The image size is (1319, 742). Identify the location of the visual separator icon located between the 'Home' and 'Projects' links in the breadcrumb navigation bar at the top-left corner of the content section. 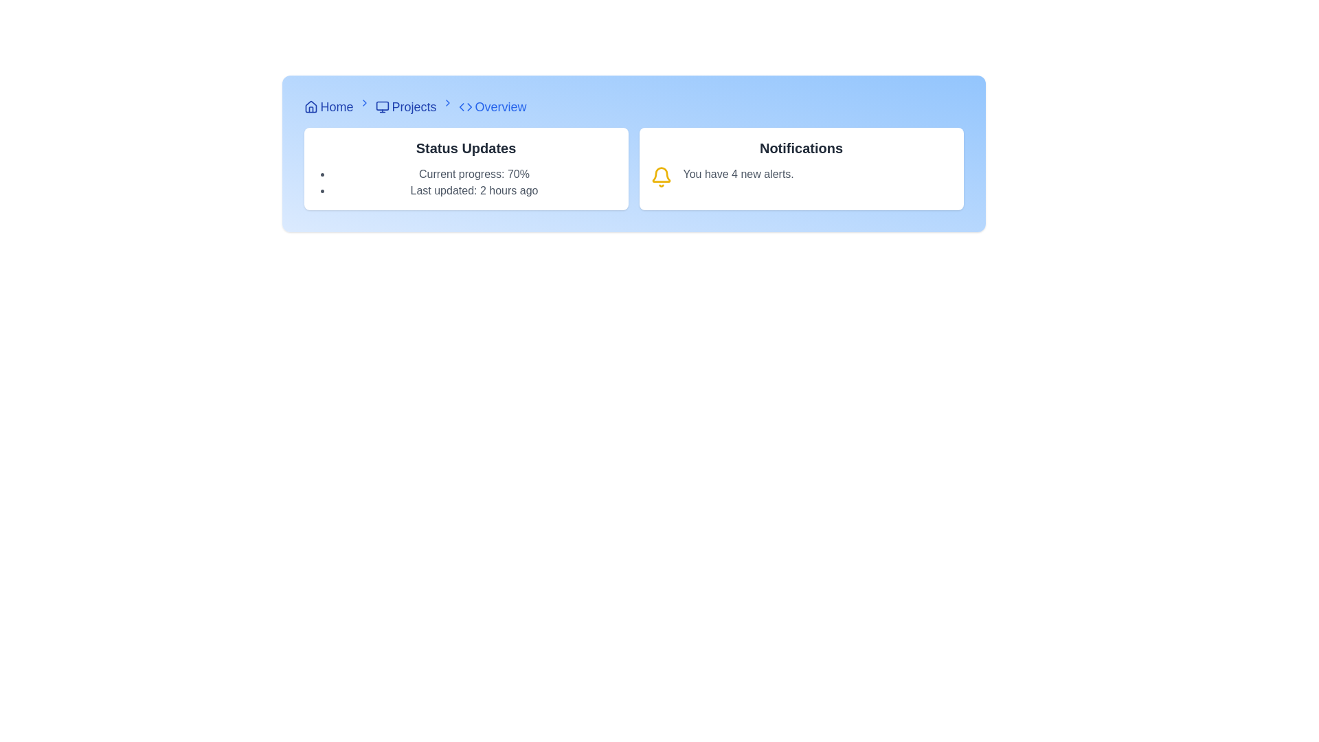
(364, 102).